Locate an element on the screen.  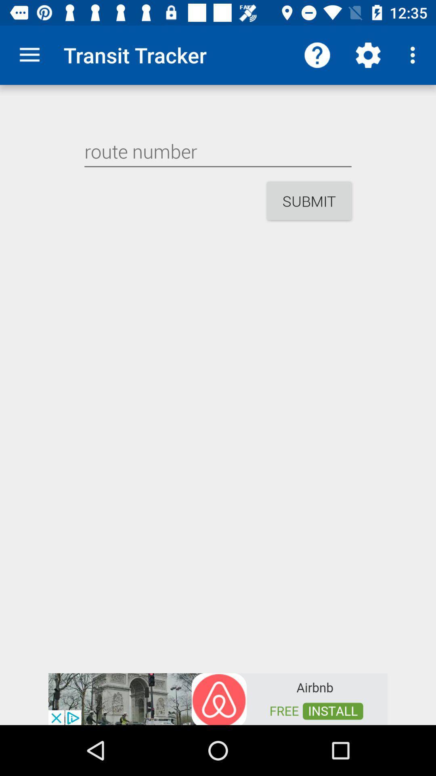
ender the text box is located at coordinates (218, 151).